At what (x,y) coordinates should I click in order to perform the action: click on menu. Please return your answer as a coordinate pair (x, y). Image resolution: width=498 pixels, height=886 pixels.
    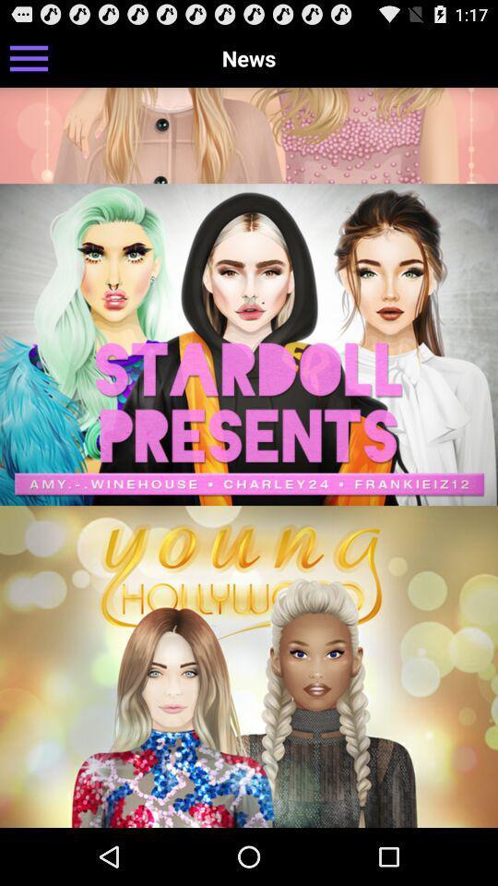
    Looking at the image, I should click on (28, 57).